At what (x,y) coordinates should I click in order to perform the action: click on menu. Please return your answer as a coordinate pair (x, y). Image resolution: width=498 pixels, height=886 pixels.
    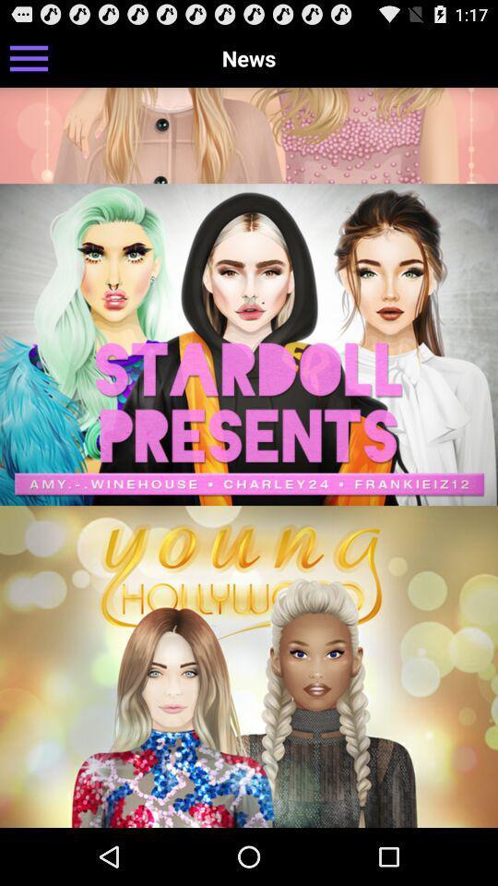
    Looking at the image, I should click on (28, 57).